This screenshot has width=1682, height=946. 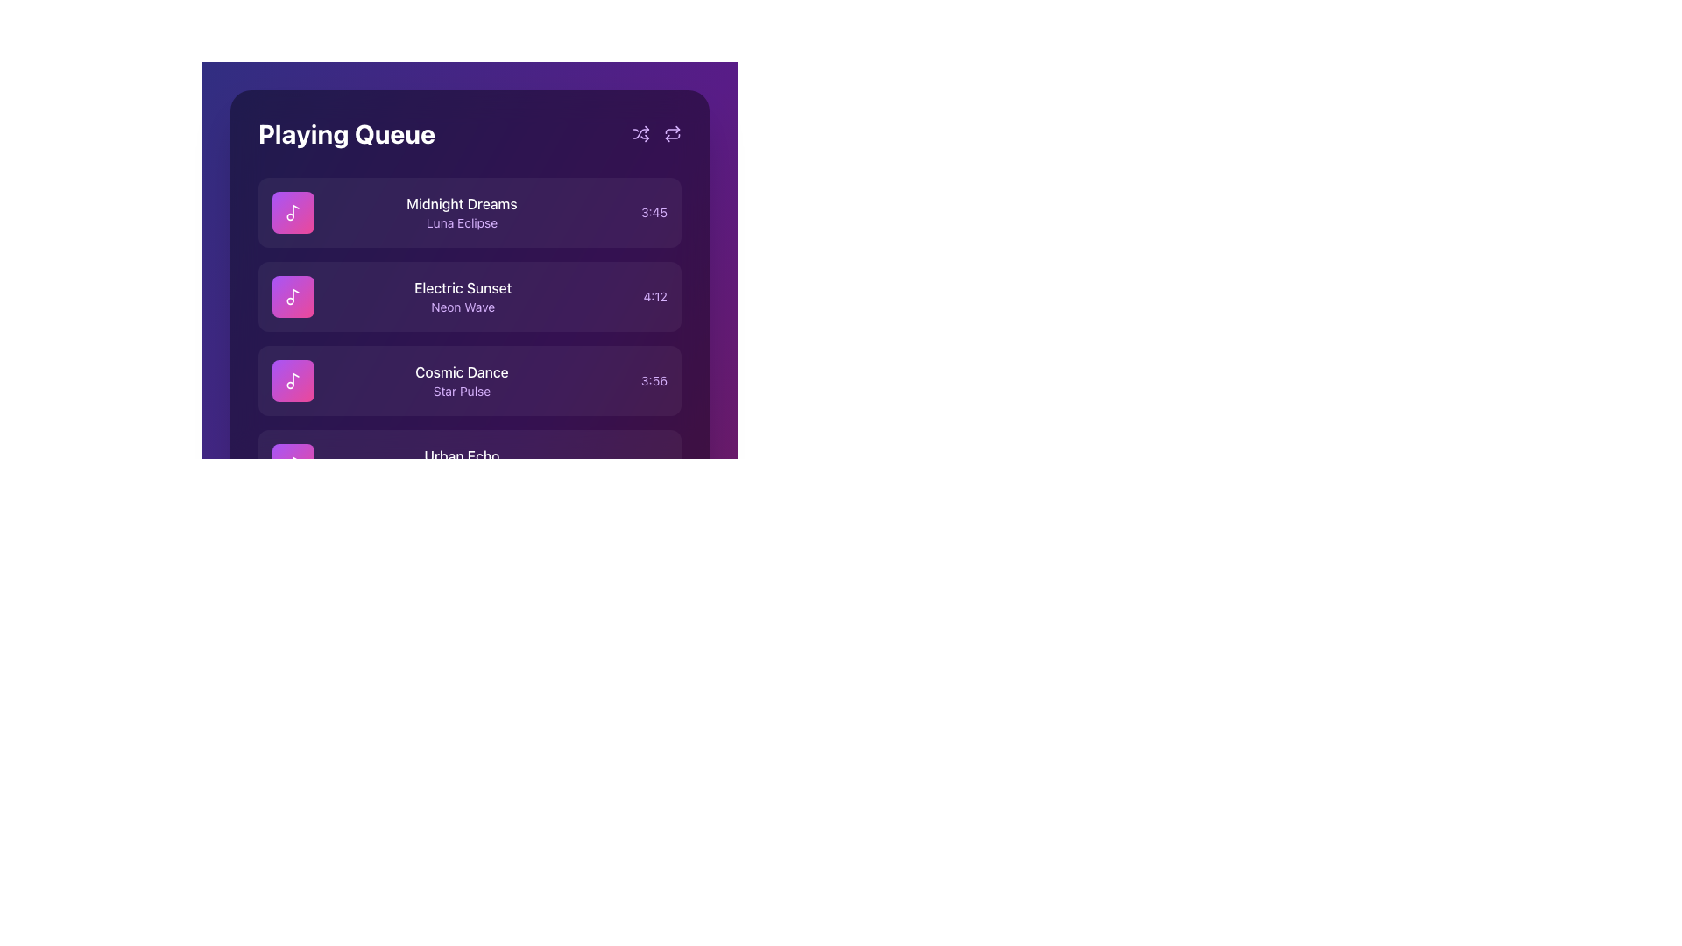 I want to click on the first interactive list item under the title 'Playing Queue', which features a colorful gradient icon with a music note, the title 'Midnight Dreams', subtitle 'Luna Eclipse', and a time duration of '3:45' to change its background visually, so click(x=470, y=212).